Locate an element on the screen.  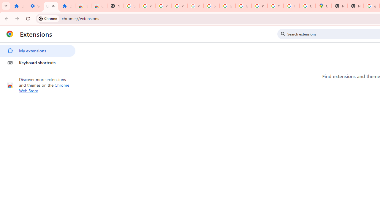
'New Tab' is located at coordinates (356, 6).